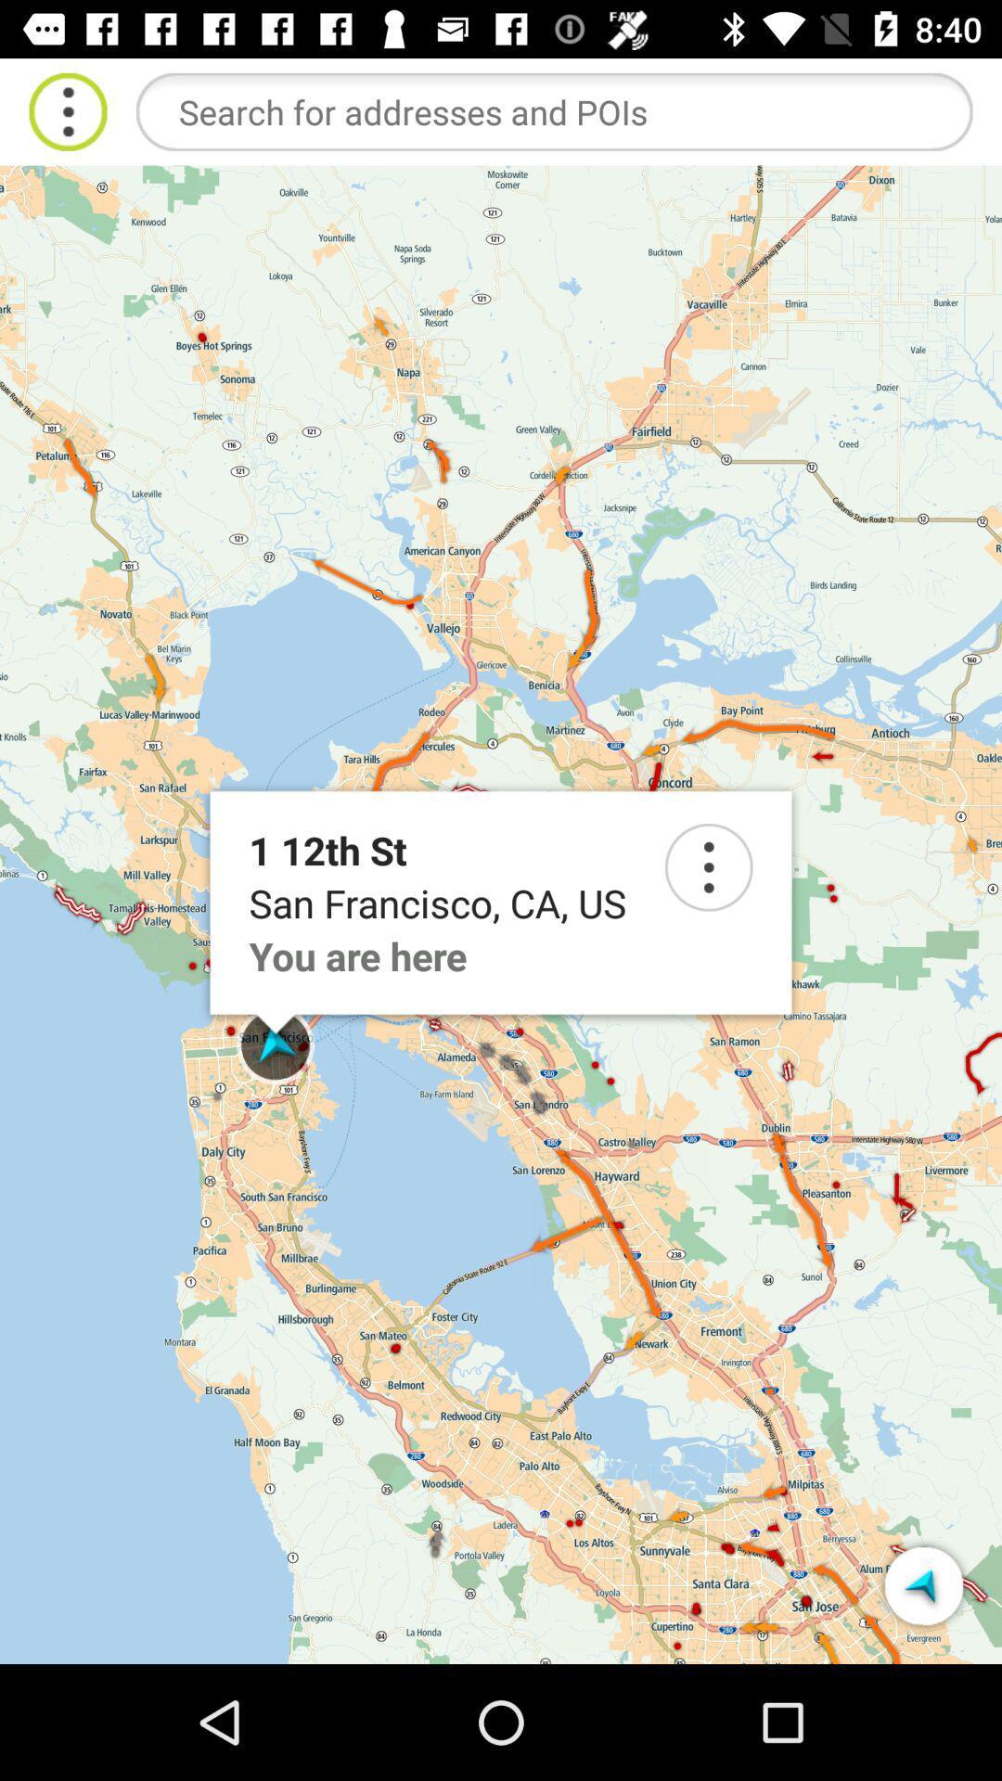  What do you see at coordinates (923, 1584) in the screenshot?
I see `start tracking driving progress` at bounding box center [923, 1584].